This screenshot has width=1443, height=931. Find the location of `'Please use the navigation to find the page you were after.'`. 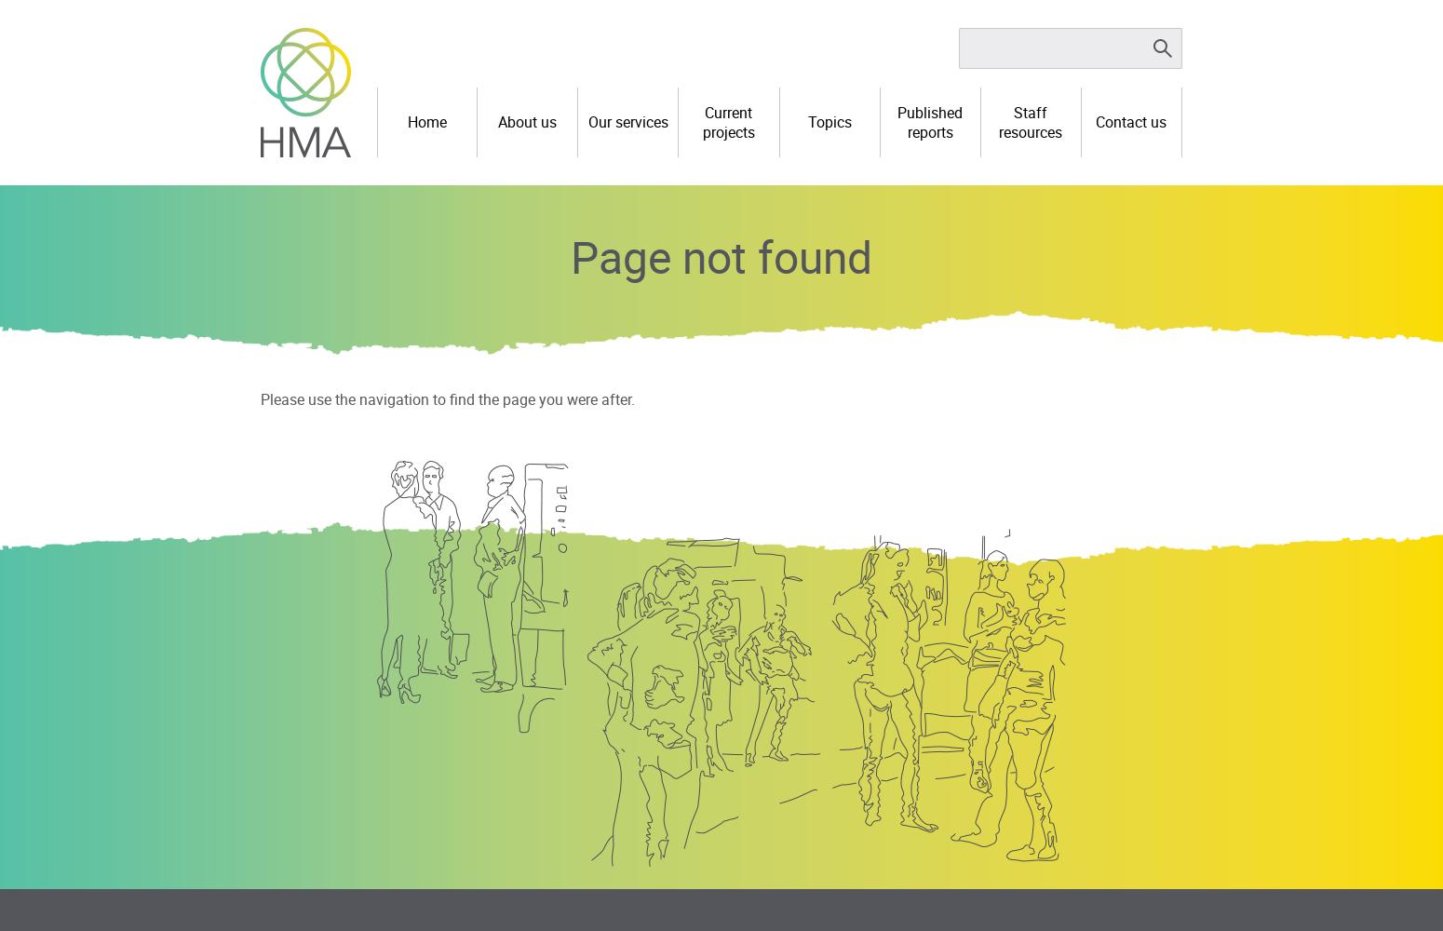

'Please use the navigation to find the page you were after.' is located at coordinates (446, 398).